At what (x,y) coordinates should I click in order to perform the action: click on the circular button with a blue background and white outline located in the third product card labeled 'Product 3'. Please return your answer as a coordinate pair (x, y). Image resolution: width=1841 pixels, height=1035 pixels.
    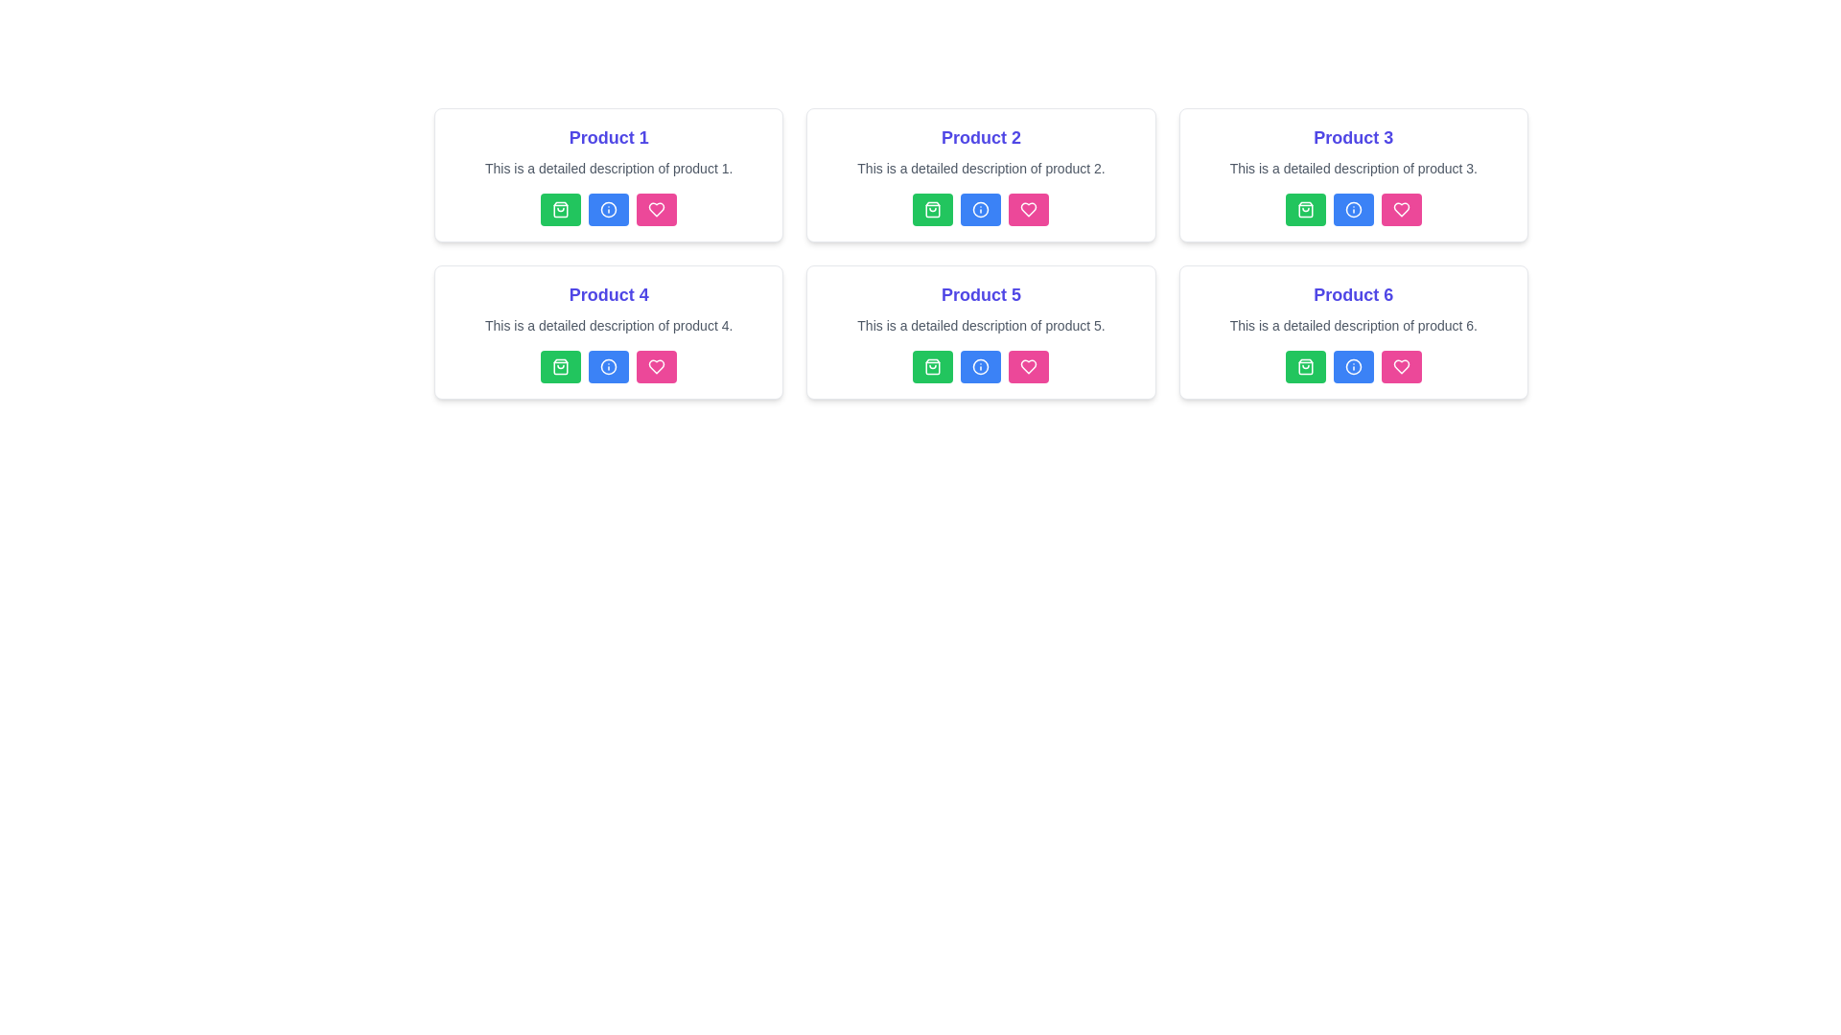
    Looking at the image, I should click on (1352, 210).